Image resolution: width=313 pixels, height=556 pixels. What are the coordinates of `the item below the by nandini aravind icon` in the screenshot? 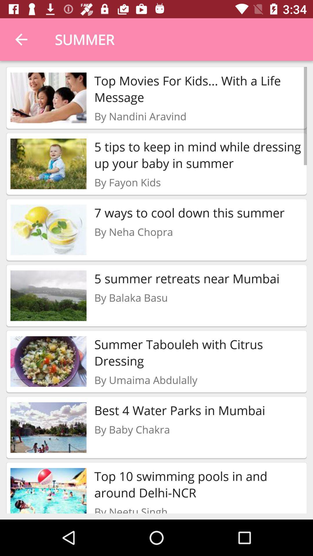 It's located at (198, 155).